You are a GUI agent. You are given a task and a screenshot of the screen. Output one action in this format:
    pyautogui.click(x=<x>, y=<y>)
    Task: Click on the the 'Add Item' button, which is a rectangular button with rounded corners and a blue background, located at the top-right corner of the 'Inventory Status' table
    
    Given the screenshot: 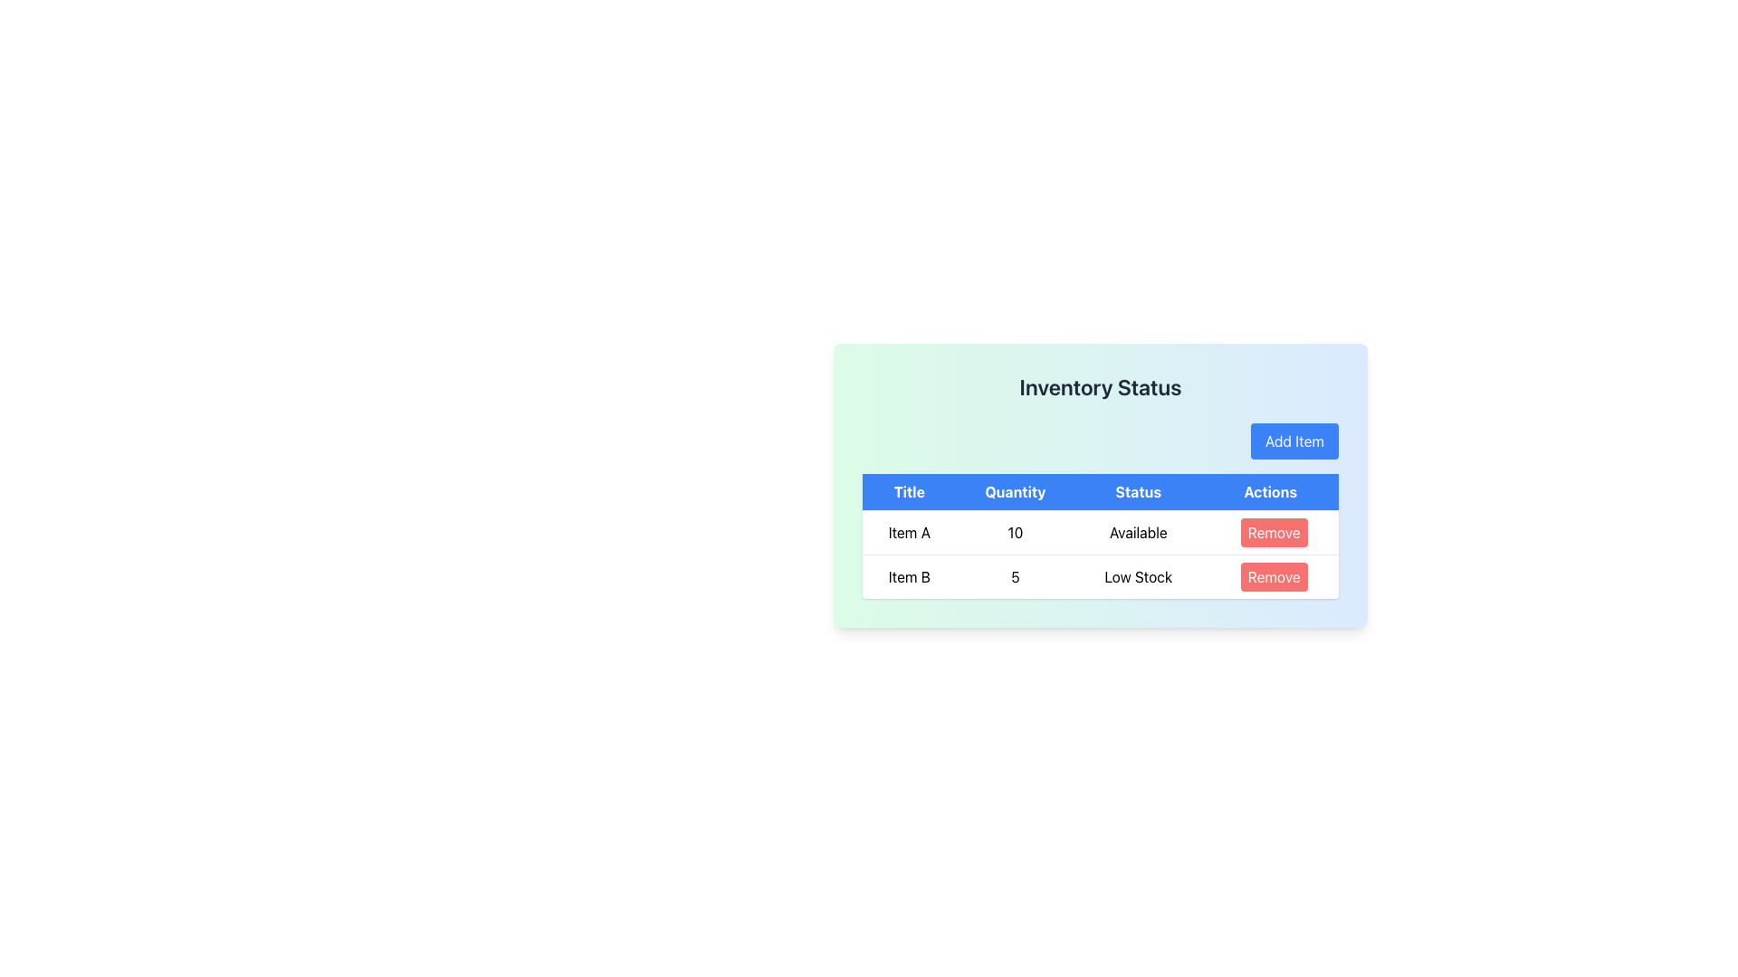 What is the action you would take?
    pyautogui.click(x=1294, y=441)
    